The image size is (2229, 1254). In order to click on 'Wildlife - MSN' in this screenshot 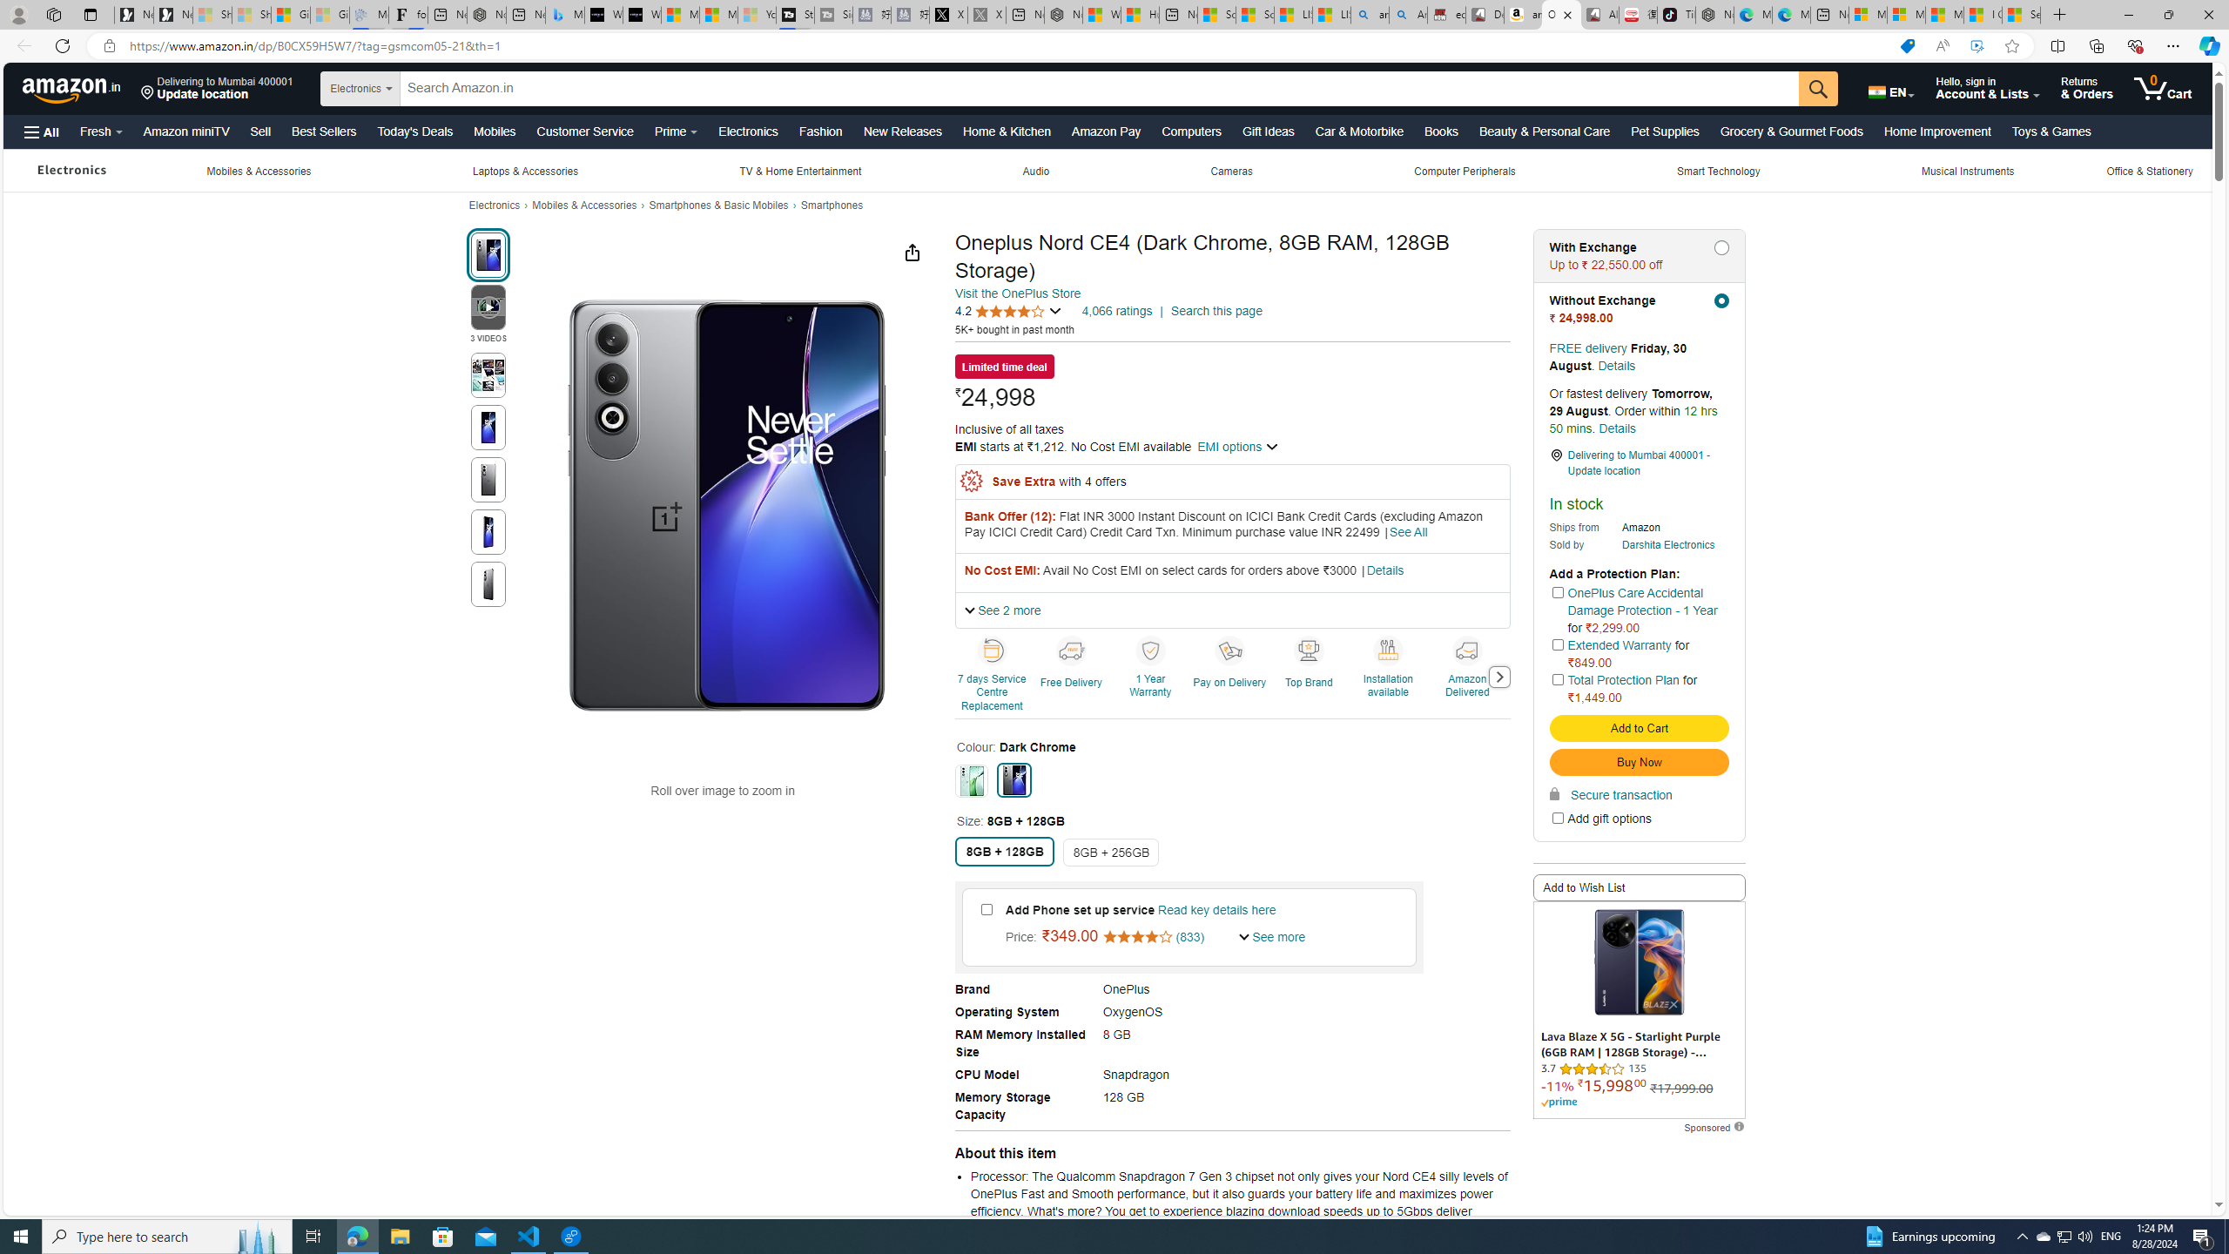, I will do `click(1100, 14)`.